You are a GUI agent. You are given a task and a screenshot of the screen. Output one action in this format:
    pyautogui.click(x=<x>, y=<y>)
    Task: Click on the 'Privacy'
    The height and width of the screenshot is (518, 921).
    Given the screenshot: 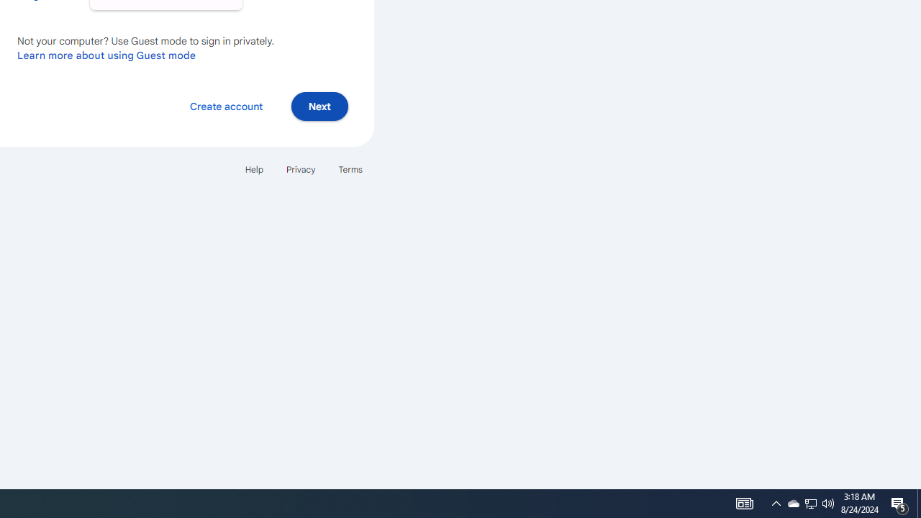 What is the action you would take?
    pyautogui.click(x=299, y=168)
    